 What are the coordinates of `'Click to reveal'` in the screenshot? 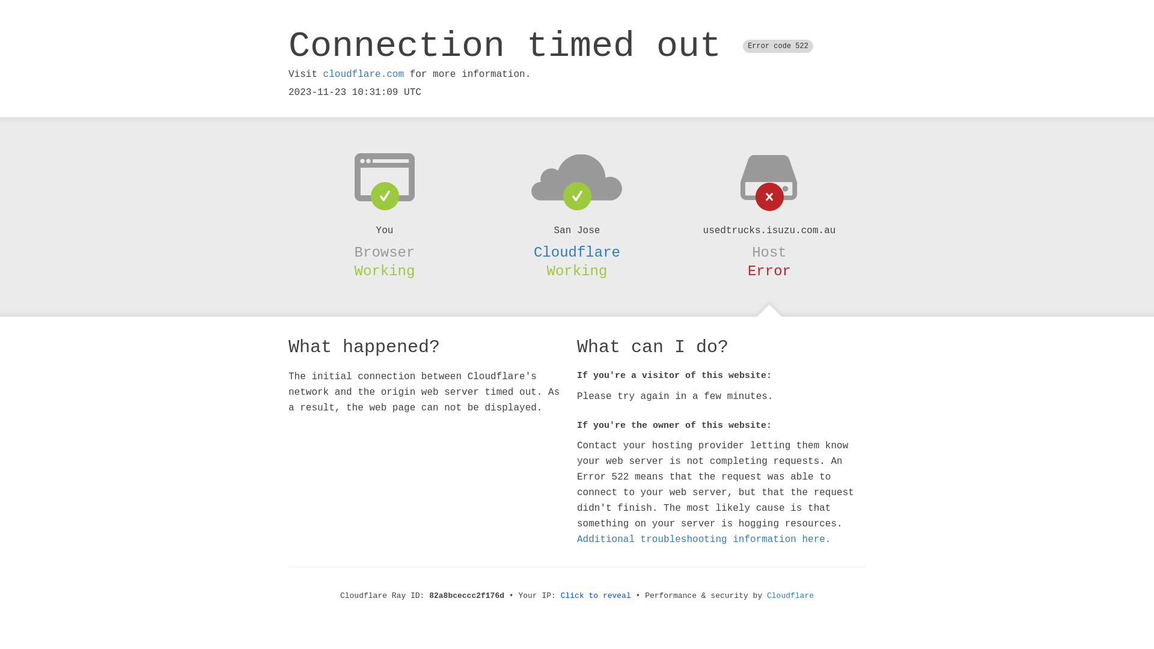 It's located at (596, 596).